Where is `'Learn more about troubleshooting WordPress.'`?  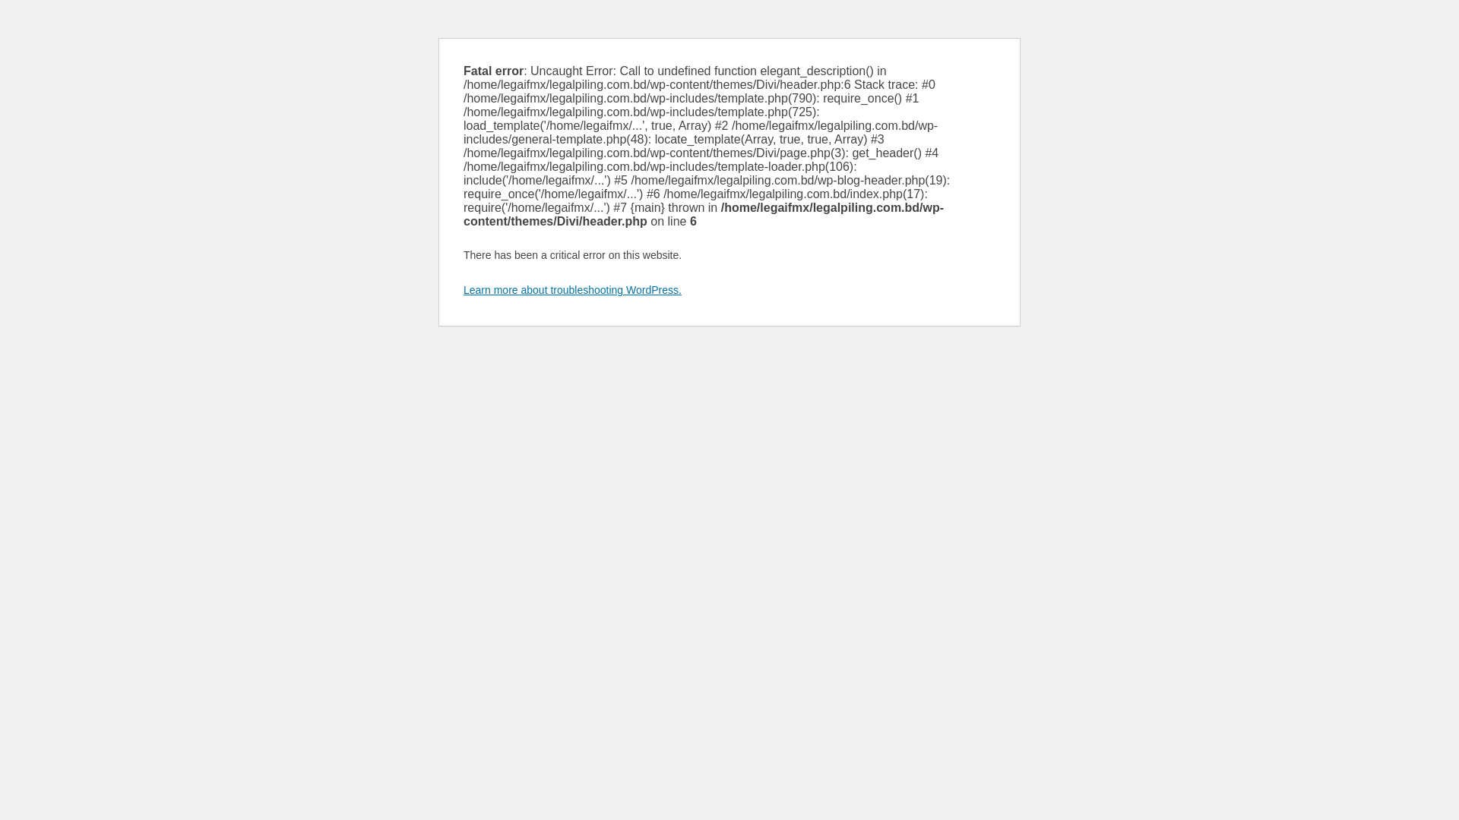
'Learn more about troubleshooting WordPress.' is located at coordinates (571, 289).